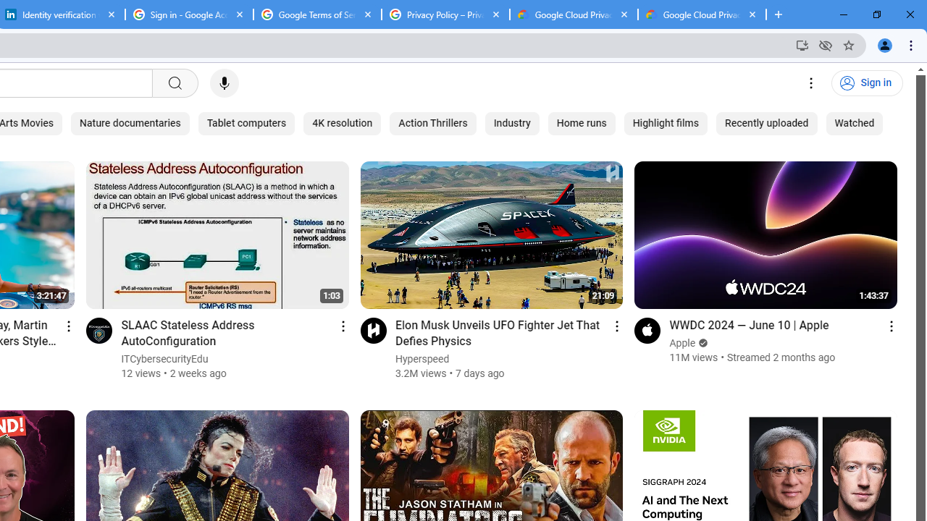 Image resolution: width=927 pixels, height=521 pixels. I want to click on 'Home runs', so click(582, 123).